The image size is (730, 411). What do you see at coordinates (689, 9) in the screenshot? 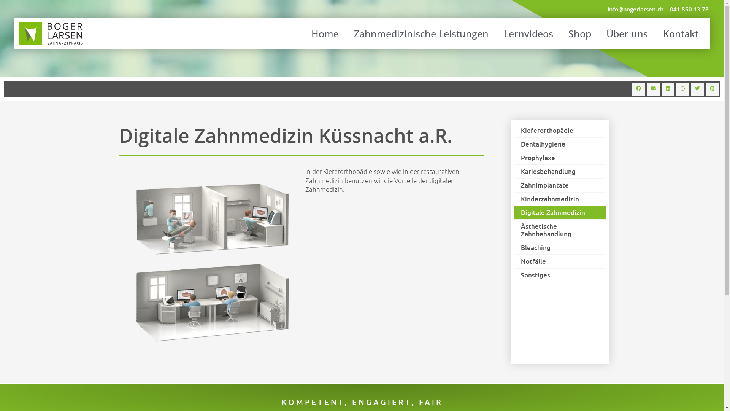
I see `'041 850 13 78'` at bounding box center [689, 9].